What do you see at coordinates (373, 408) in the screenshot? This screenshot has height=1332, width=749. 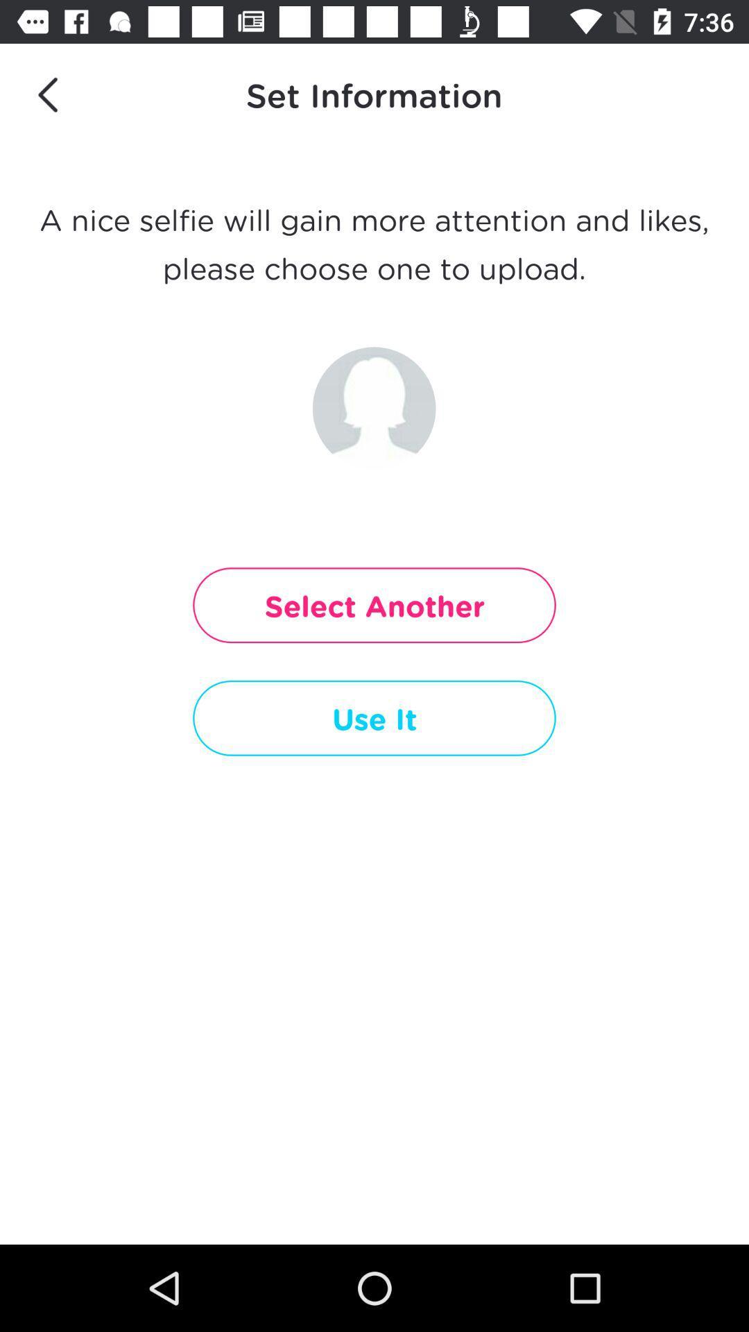 I see `the avatar icon` at bounding box center [373, 408].